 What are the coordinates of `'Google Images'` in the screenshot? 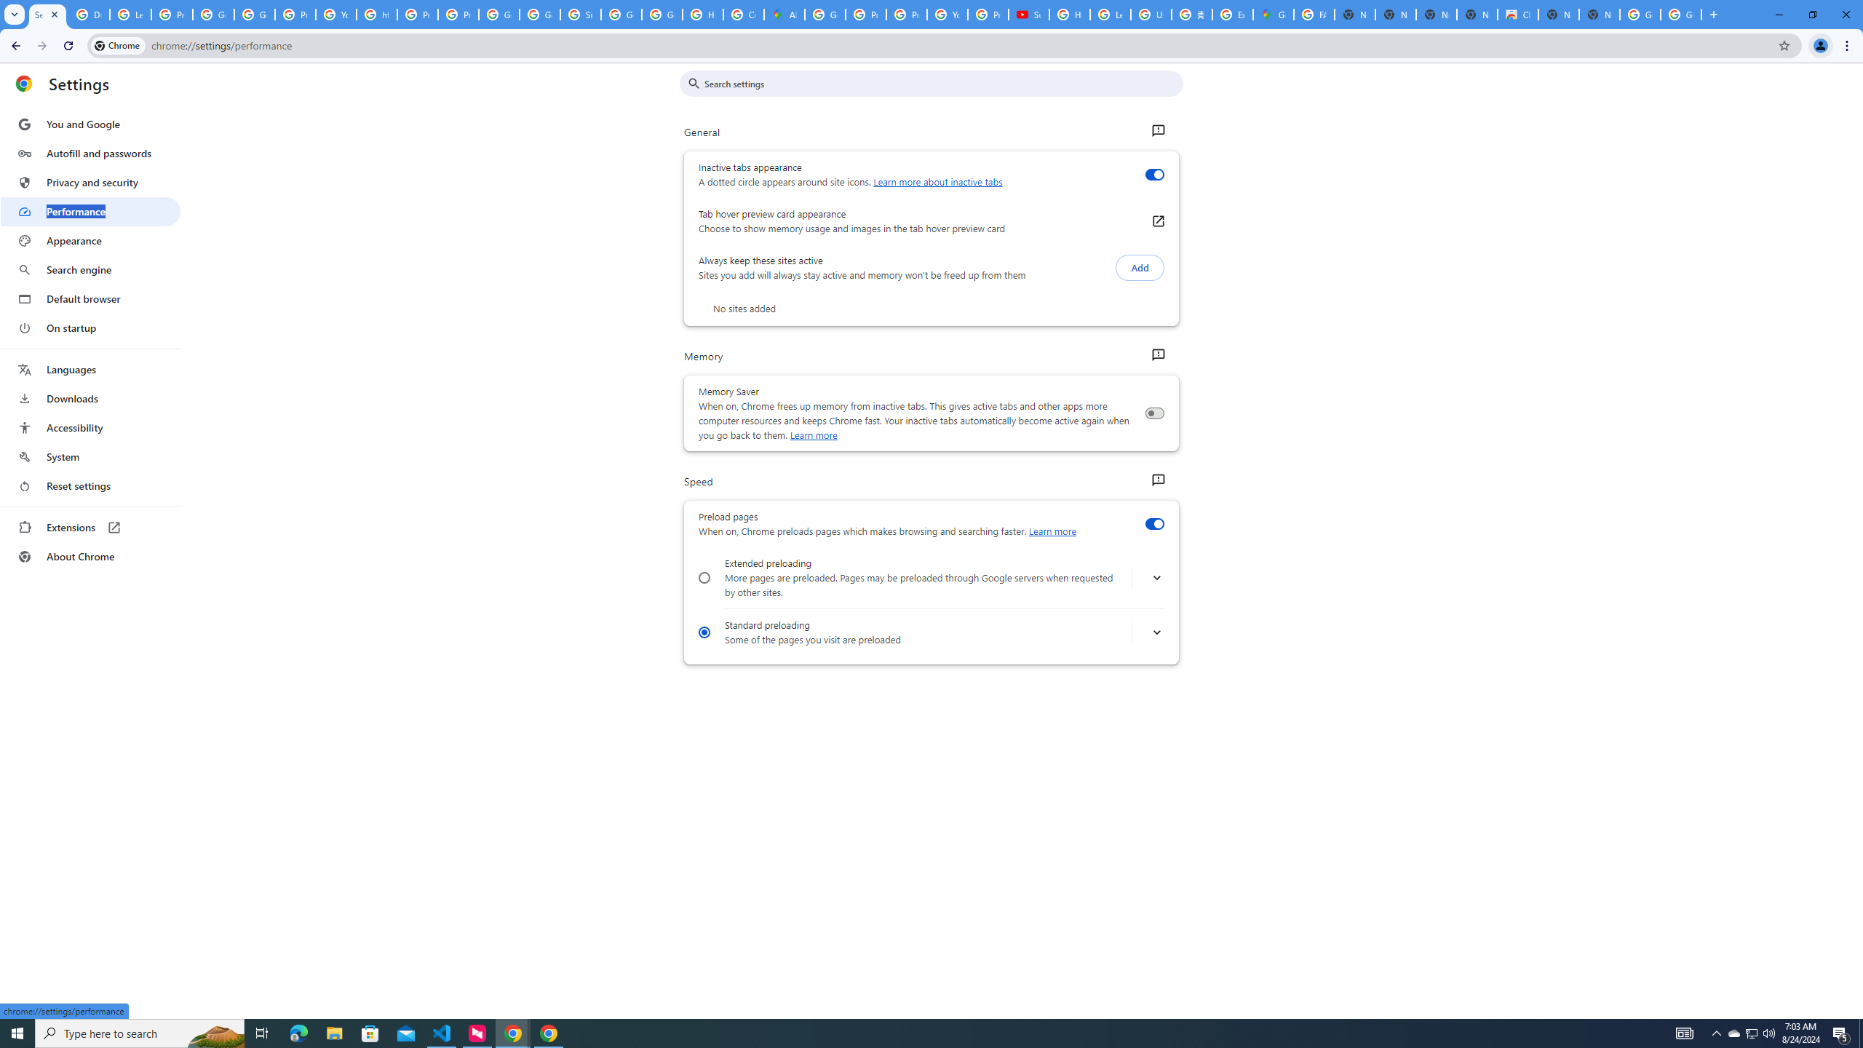 It's located at (1681, 14).